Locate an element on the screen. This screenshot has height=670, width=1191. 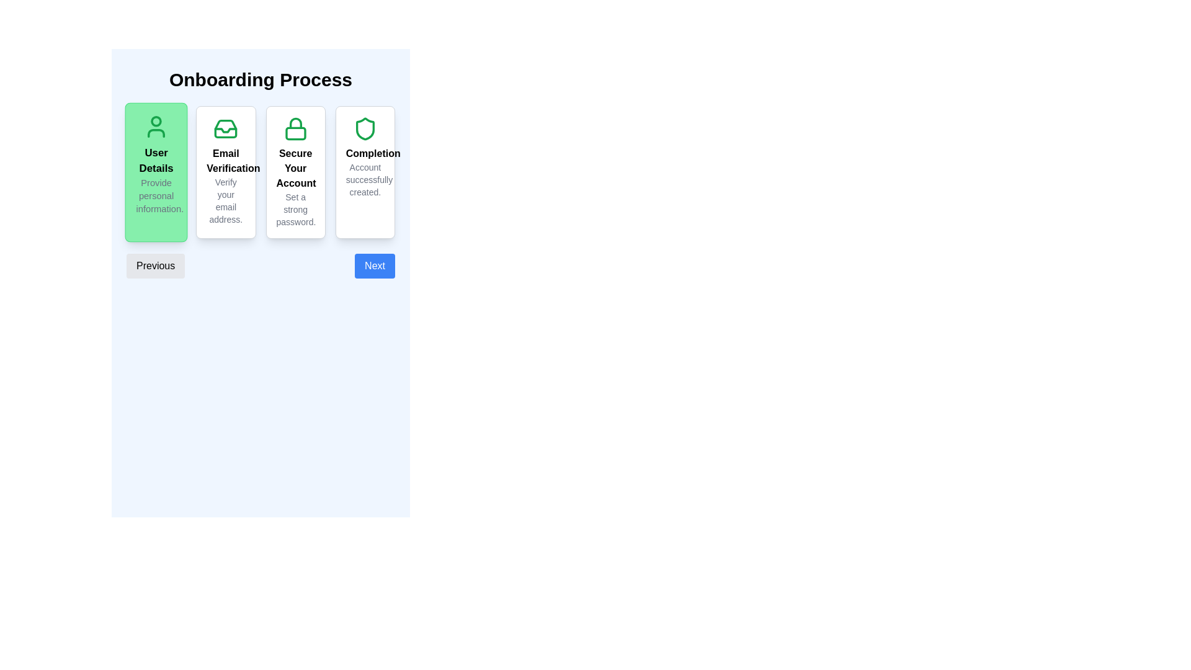
the shield icon with a green outline located in the rightmost card of the stepper interface, above the 'Completion' text is located at coordinates (364, 129).